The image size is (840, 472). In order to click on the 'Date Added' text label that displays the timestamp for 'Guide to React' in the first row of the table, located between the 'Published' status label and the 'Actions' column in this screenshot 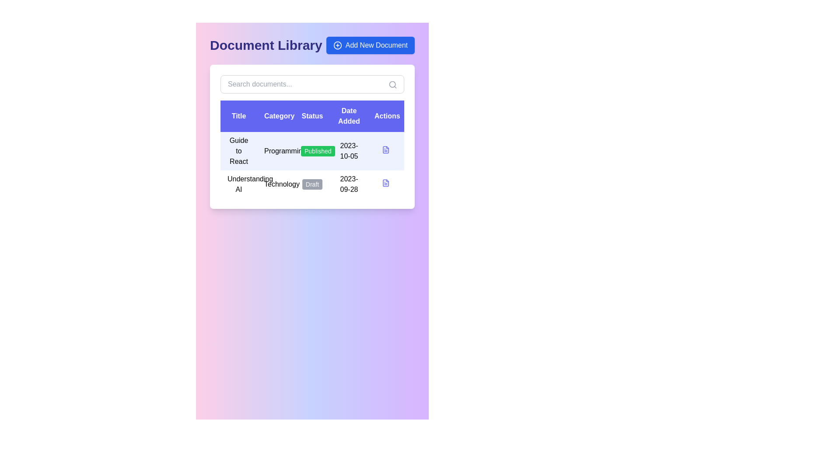, I will do `click(348, 151)`.